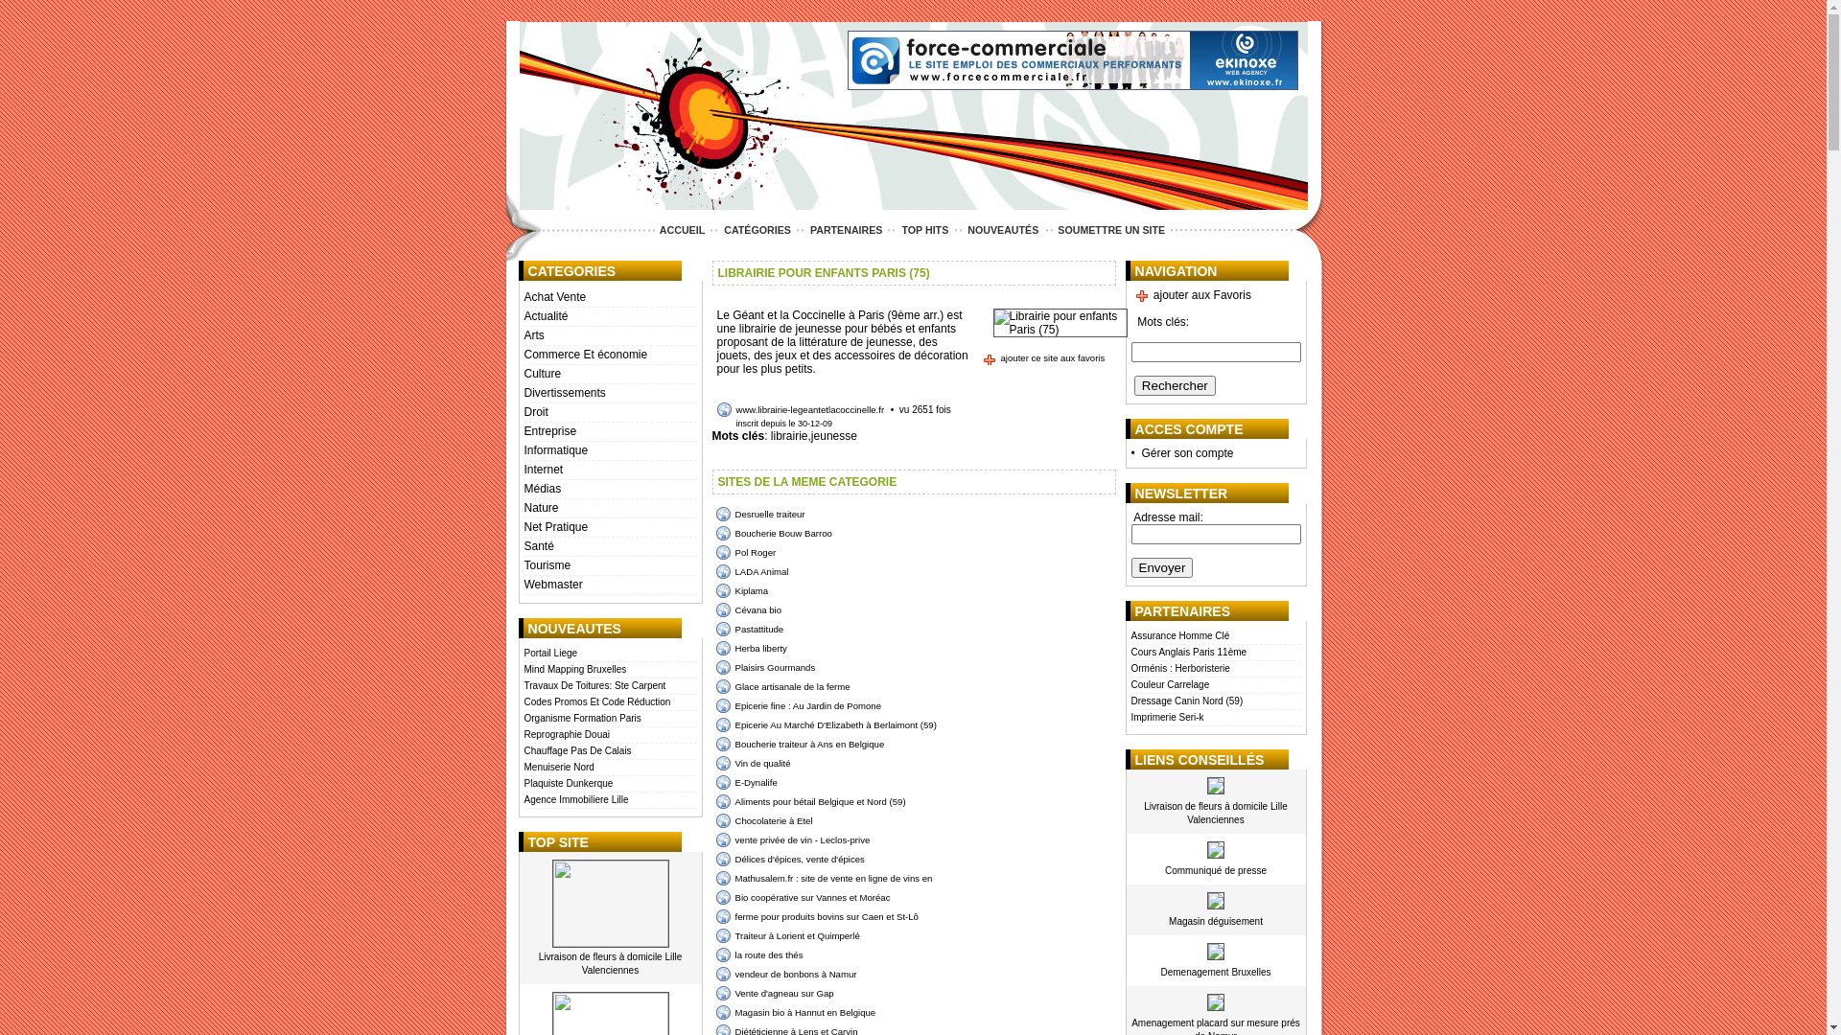  I want to click on 'Demenagement Bruxelles', so click(1214, 972).